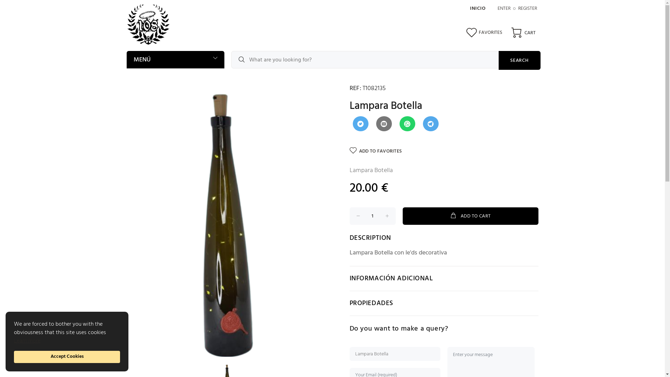 This screenshot has width=670, height=377. Describe the element at coordinates (67, 357) in the screenshot. I see `'Accept Cookies'` at that location.